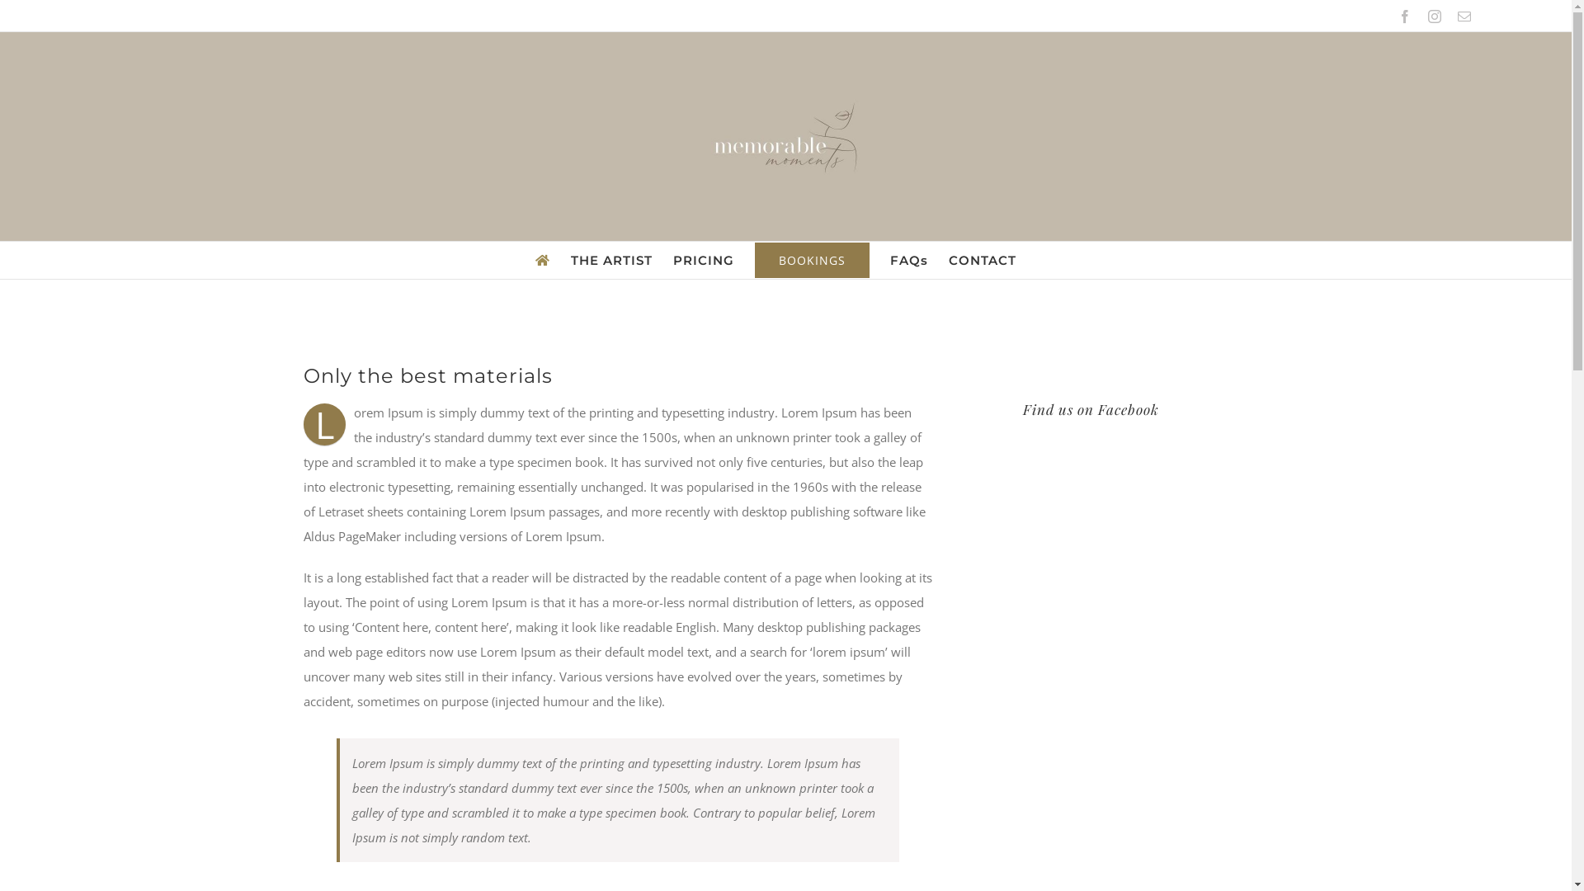  Describe the element at coordinates (907, 260) in the screenshot. I see `'FAQs'` at that location.